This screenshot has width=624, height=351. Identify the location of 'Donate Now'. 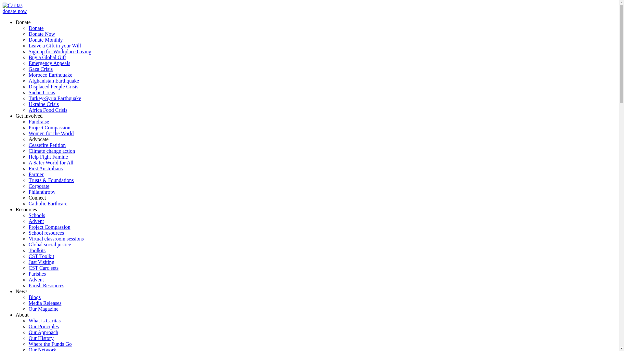
(28, 34).